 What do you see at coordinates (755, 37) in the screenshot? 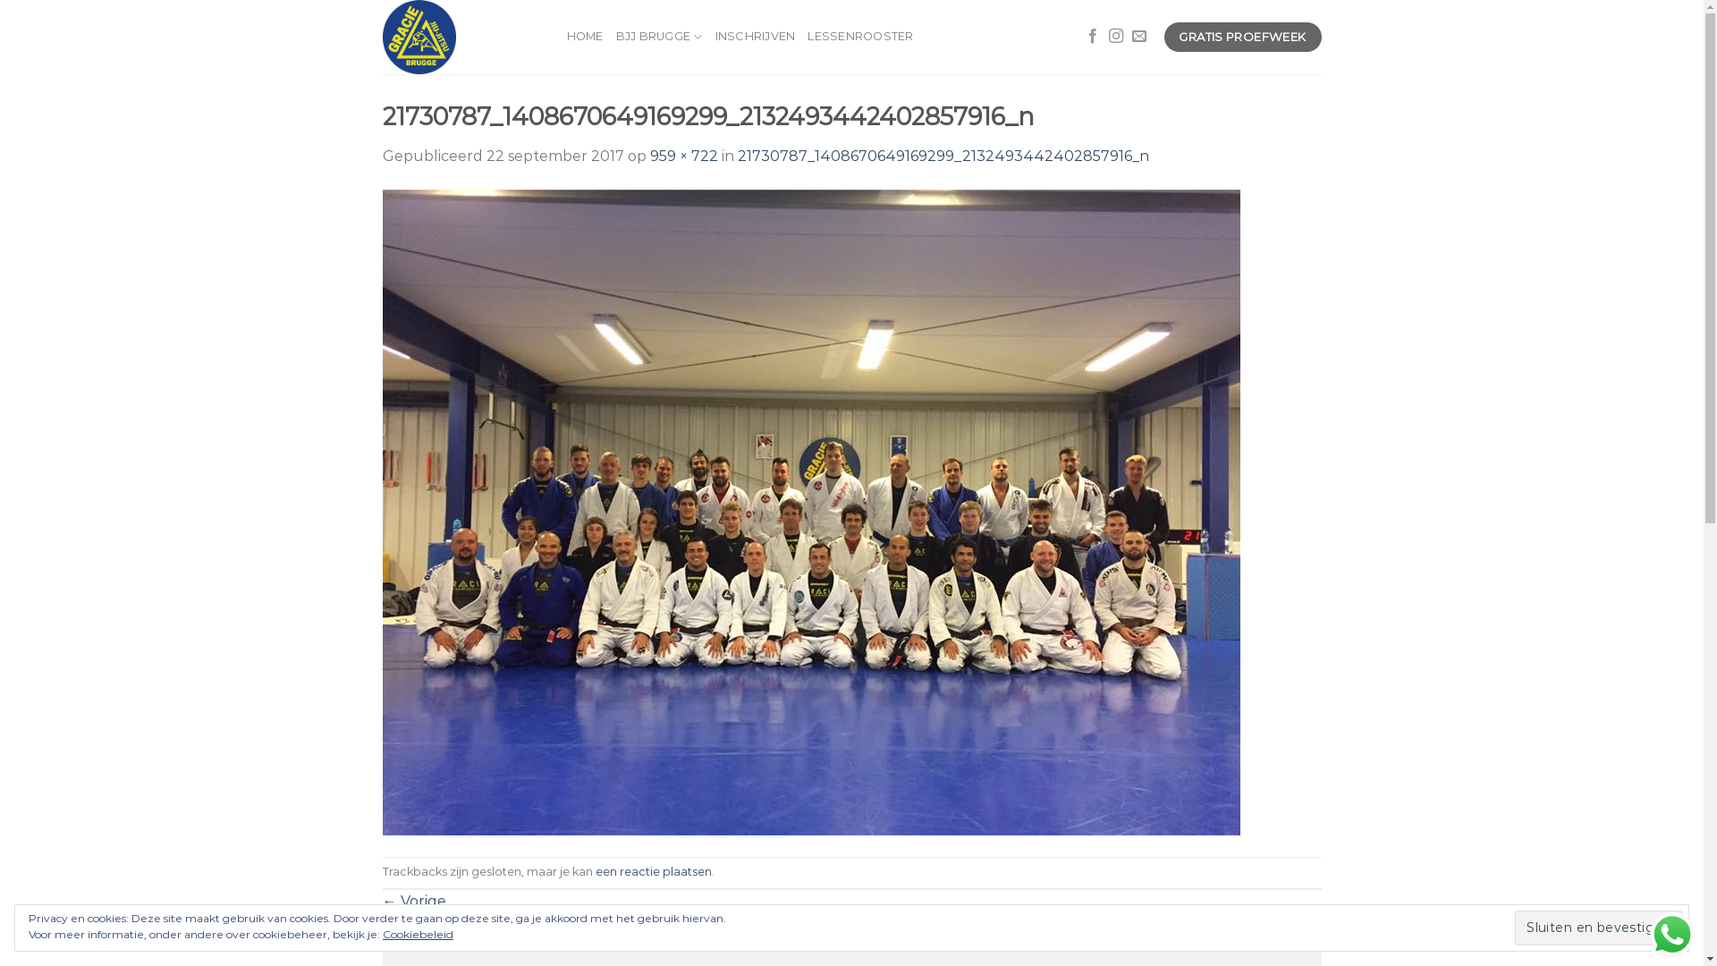
I see `'INSCHRIJVEN'` at bounding box center [755, 37].